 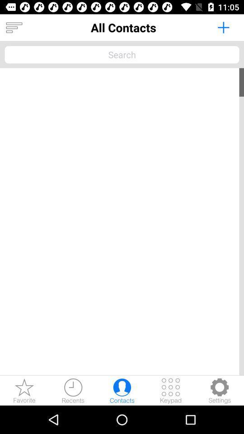 I want to click on the item at the top right corner, so click(x=223, y=27).